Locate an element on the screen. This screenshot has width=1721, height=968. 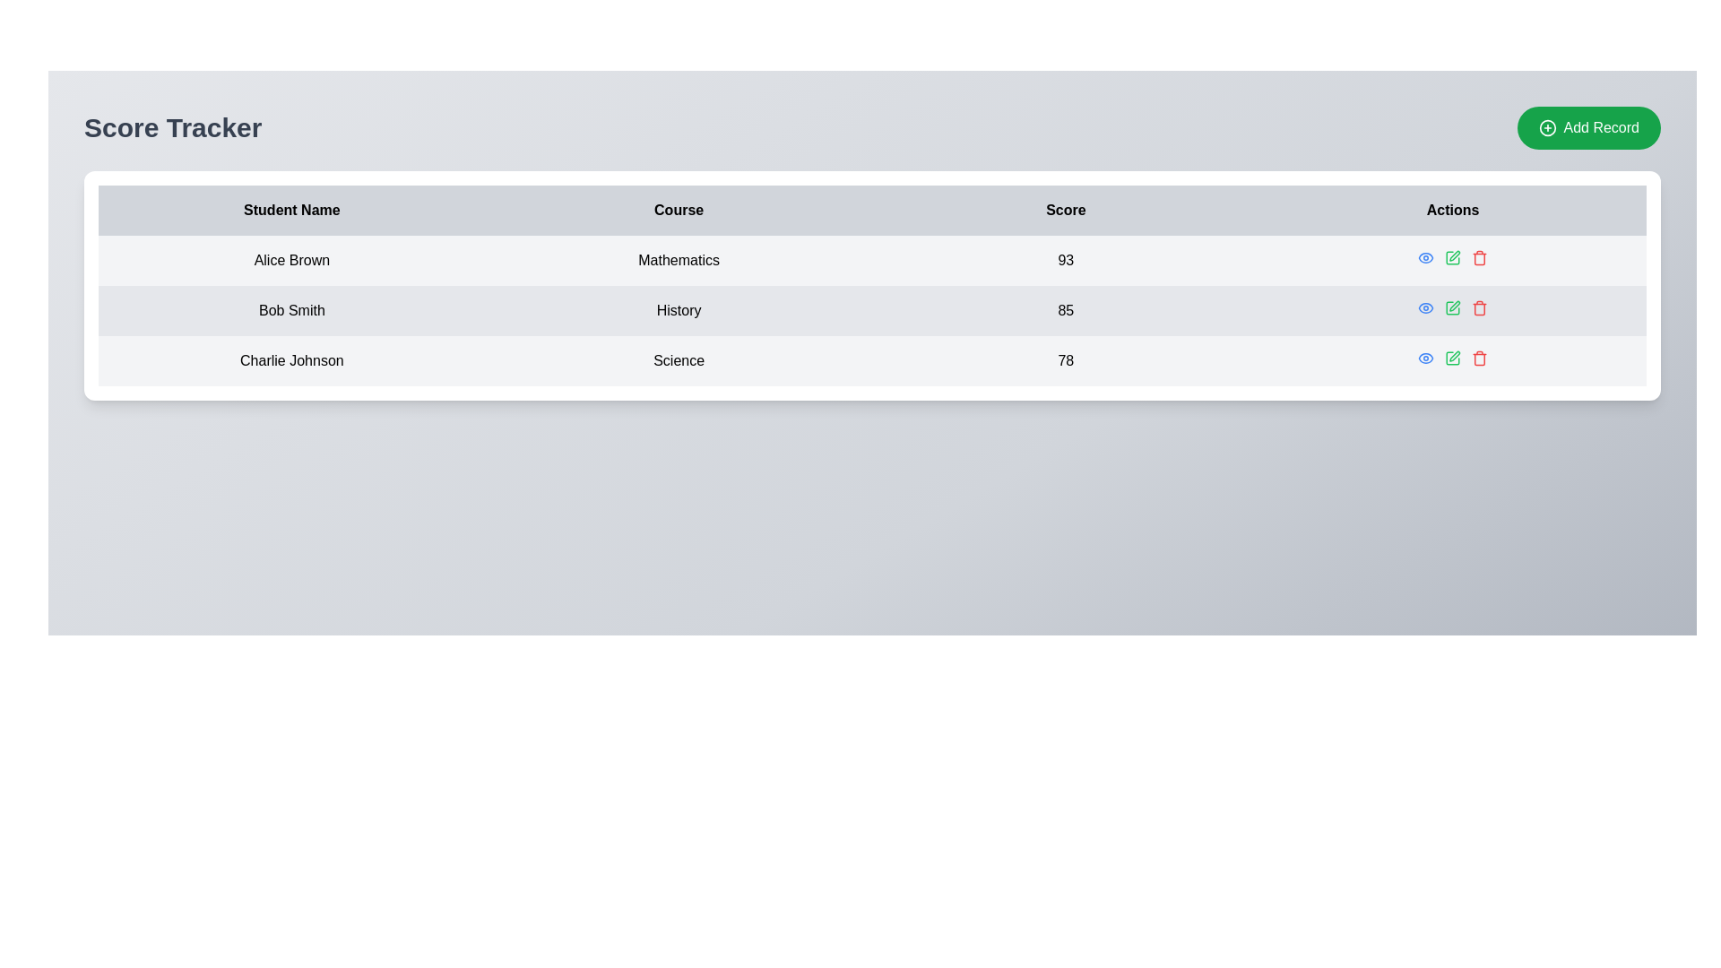
the green edit pen icon located in the 'Actions' column of the last row in the table is located at coordinates (1455, 356).